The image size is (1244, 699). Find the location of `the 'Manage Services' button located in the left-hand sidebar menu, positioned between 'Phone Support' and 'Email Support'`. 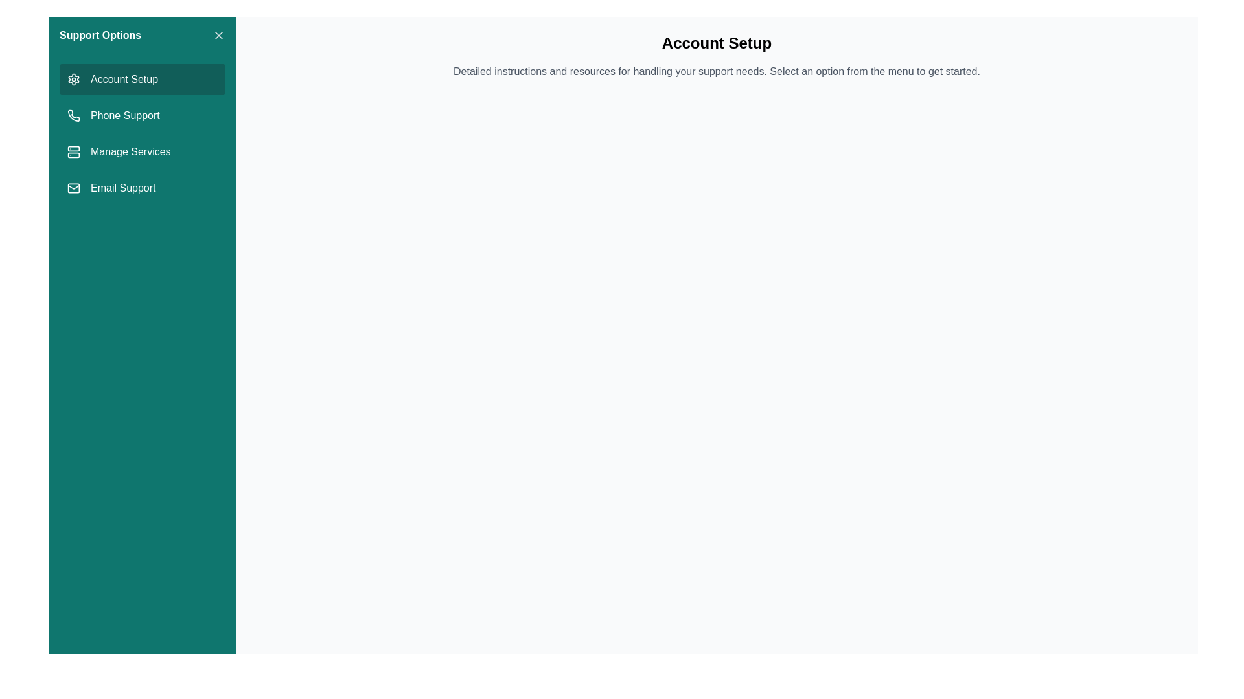

the 'Manage Services' button located in the left-hand sidebar menu, positioned between 'Phone Support' and 'Email Support' is located at coordinates (143, 151).